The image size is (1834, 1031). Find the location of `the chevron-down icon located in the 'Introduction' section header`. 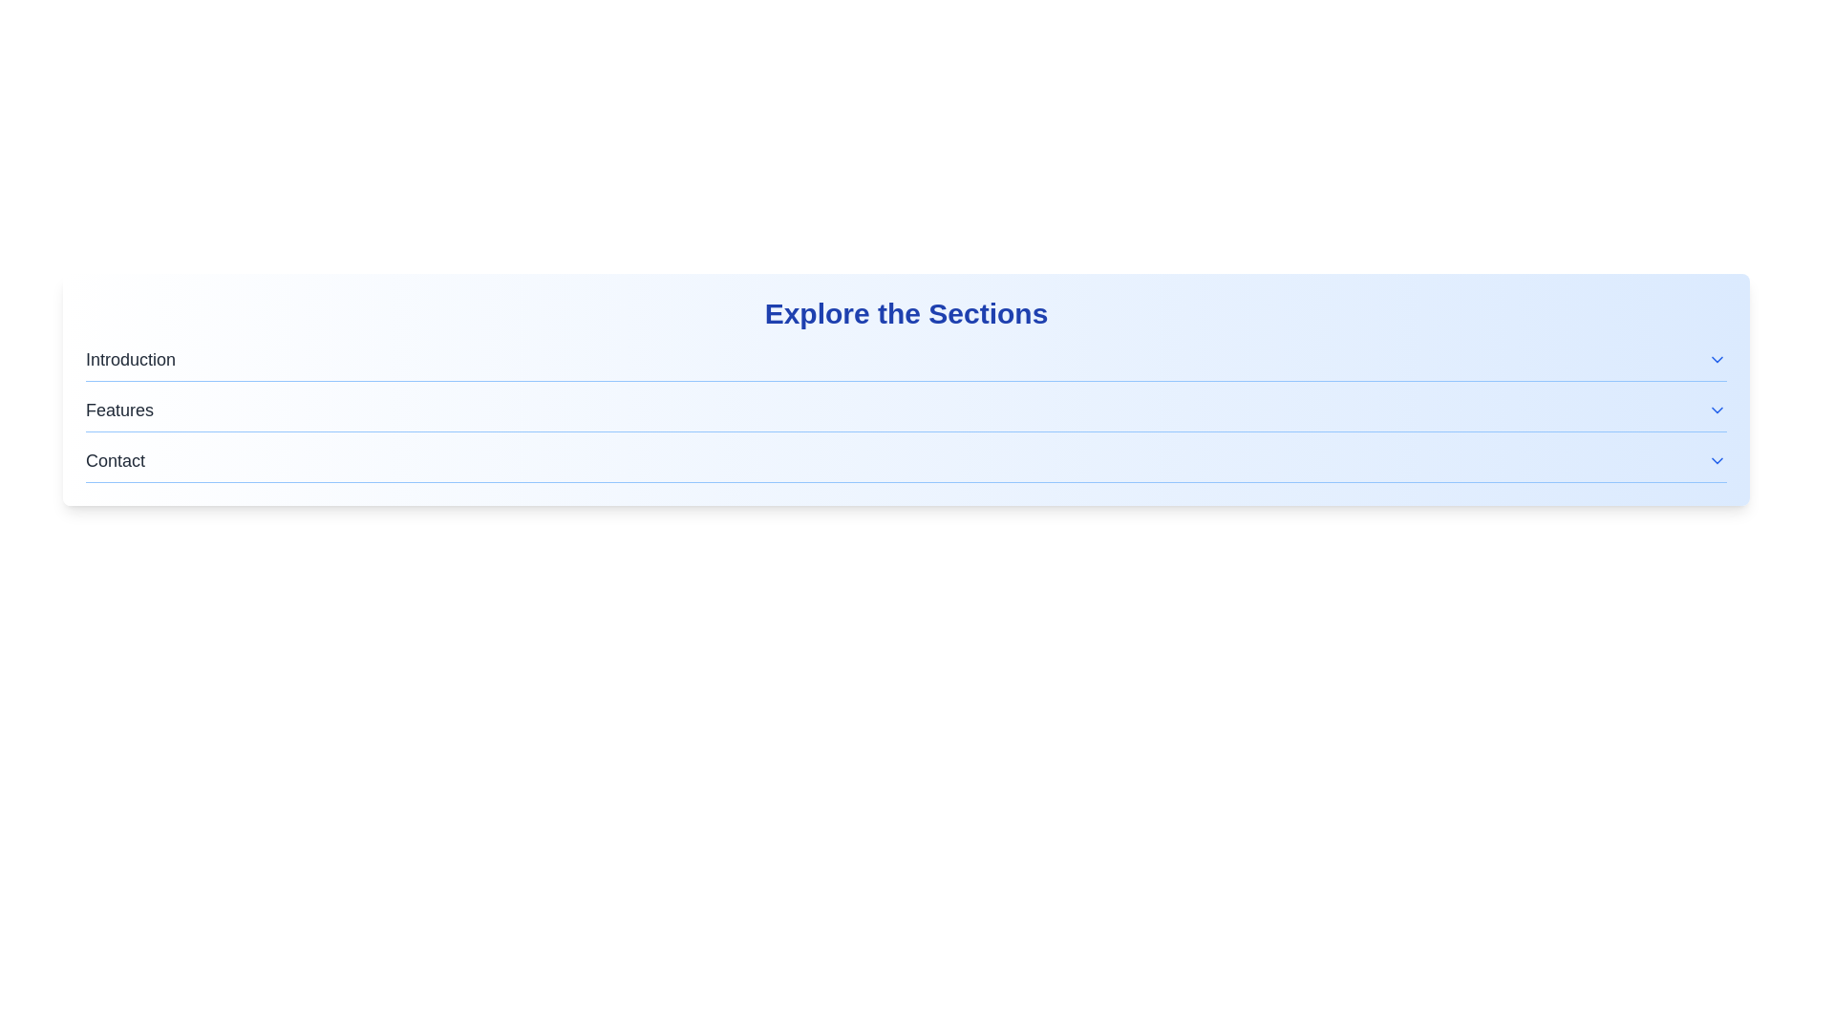

the chevron-down icon located in the 'Introduction' section header is located at coordinates (1717, 360).